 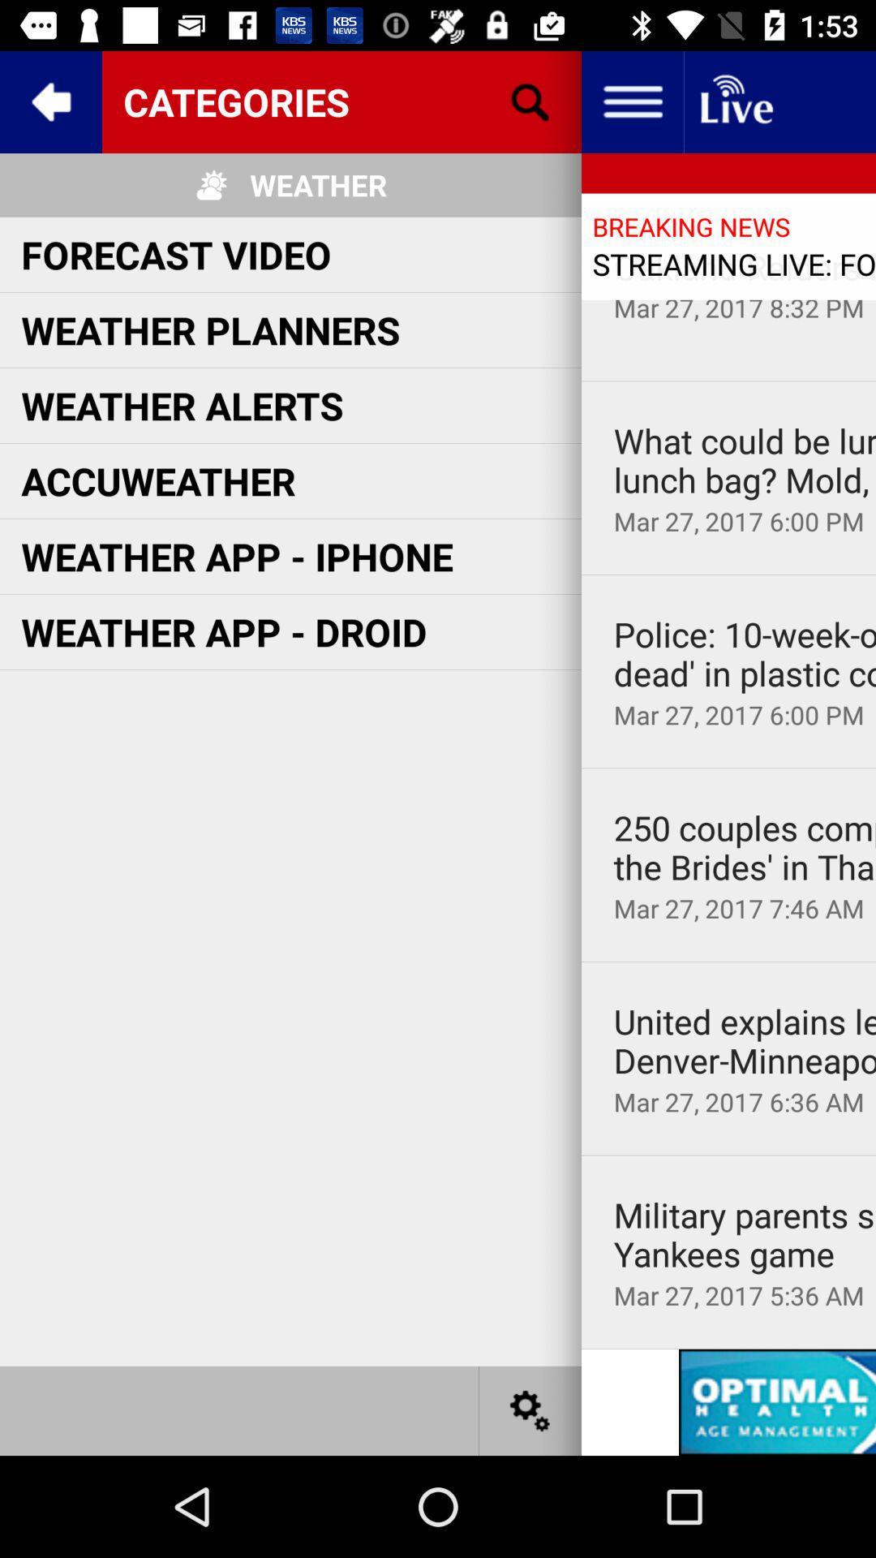 I want to click on the app above the mar 27 2017 app, so click(x=745, y=459).